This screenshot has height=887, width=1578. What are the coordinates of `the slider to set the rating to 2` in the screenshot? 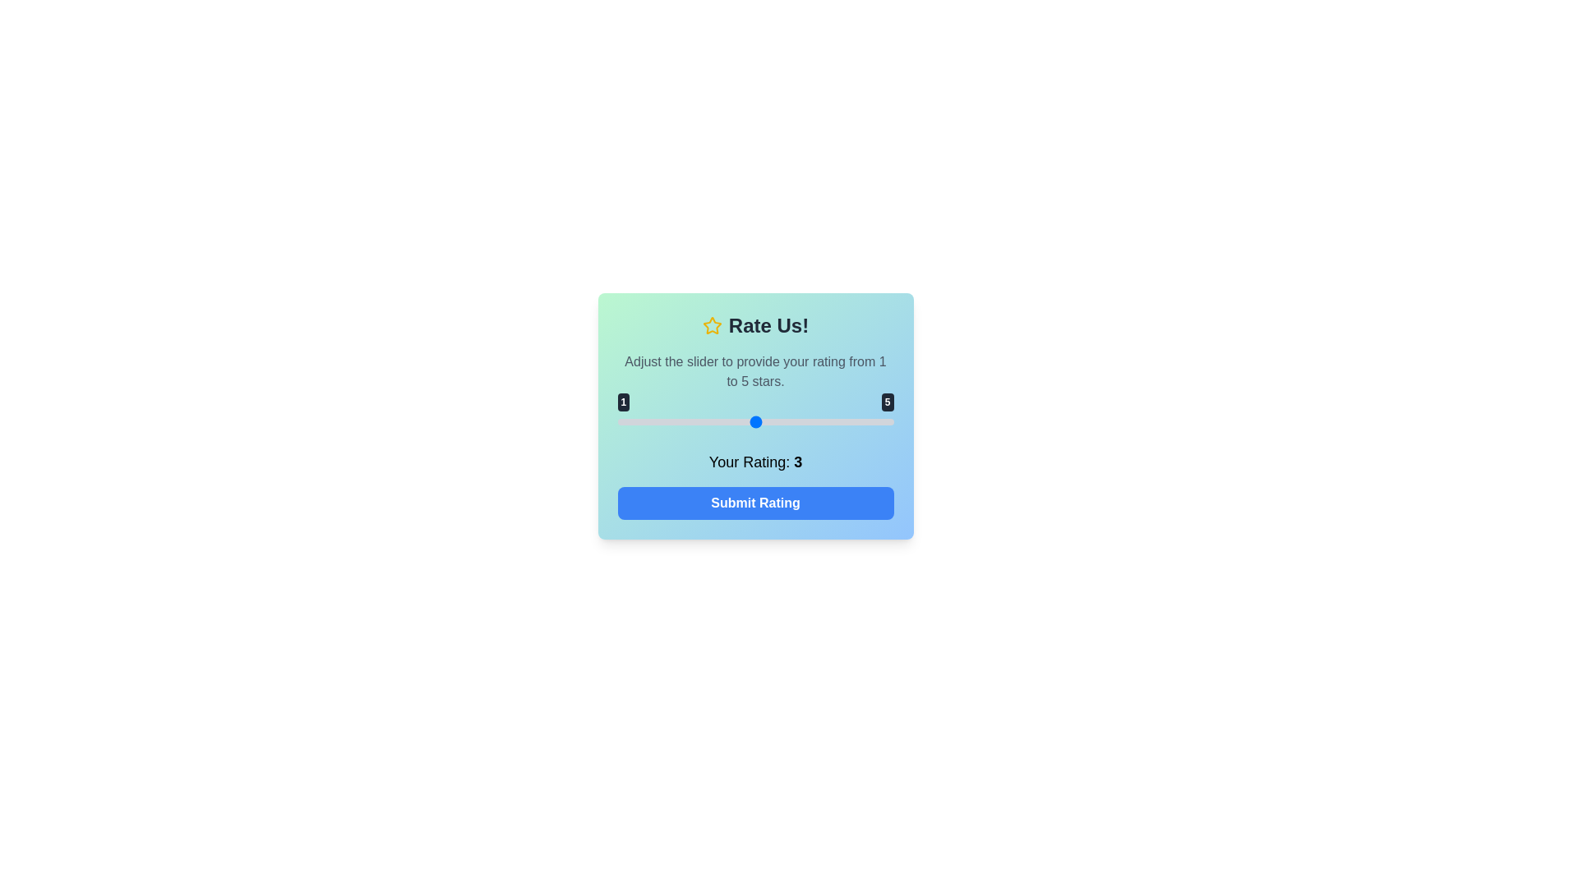 It's located at (686, 421).